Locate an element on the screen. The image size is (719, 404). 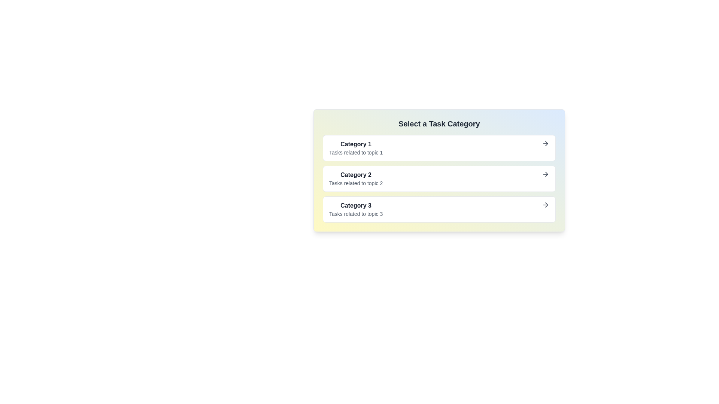
the navigation icon located to the far right side of 'Category 3' in the third row of the menu is located at coordinates (546, 205).